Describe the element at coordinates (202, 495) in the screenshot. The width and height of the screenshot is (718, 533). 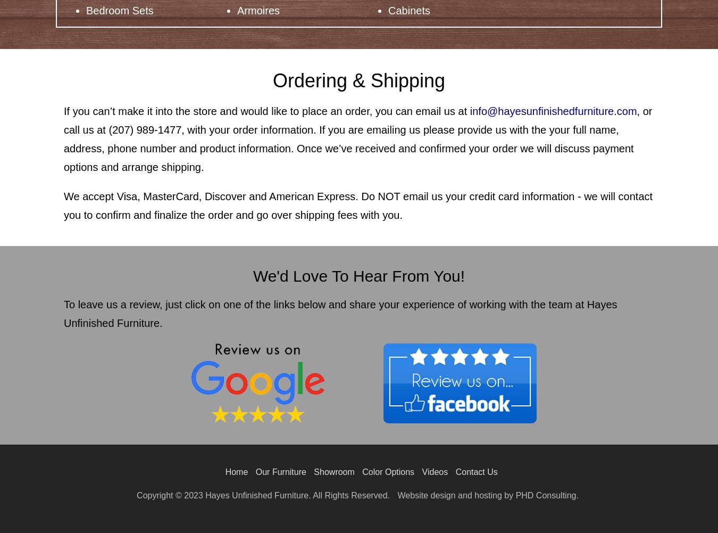
I see `'Hayes Unfinished Furniture. All Rights Reserved.'` at that location.